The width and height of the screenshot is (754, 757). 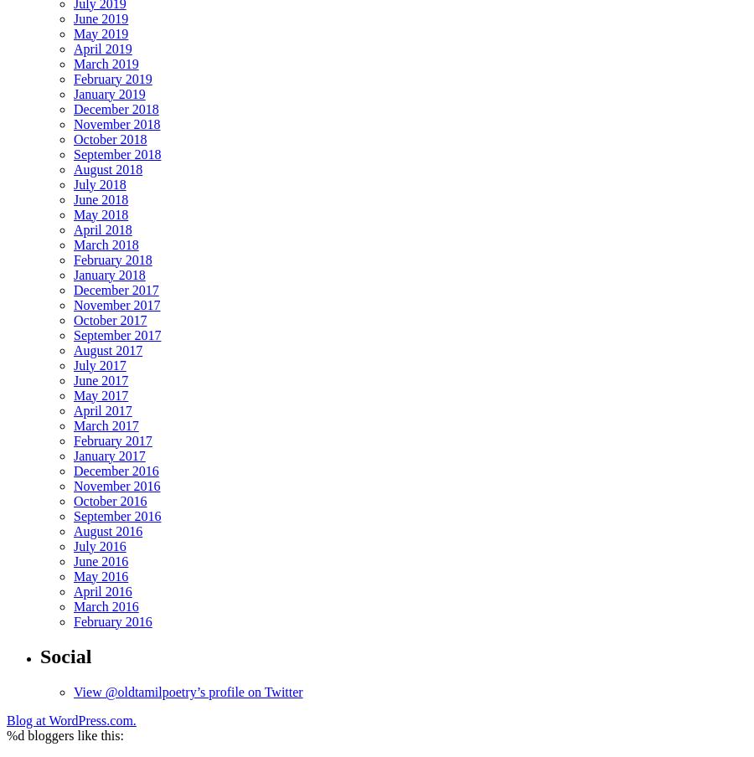 I want to click on 'March 2019', so click(x=106, y=63).